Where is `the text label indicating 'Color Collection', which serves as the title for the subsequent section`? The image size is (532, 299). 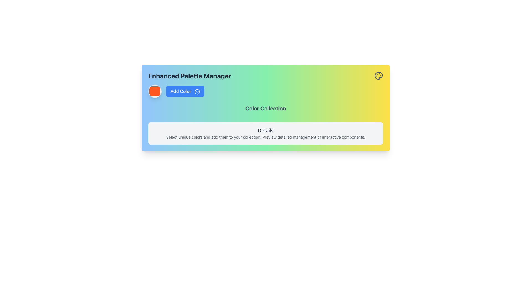 the text label indicating 'Color Collection', which serves as the title for the subsequent section is located at coordinates (265, 110).